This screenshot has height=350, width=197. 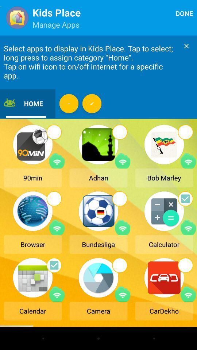 I want to click on wifi option, so click(x=188, y=161).